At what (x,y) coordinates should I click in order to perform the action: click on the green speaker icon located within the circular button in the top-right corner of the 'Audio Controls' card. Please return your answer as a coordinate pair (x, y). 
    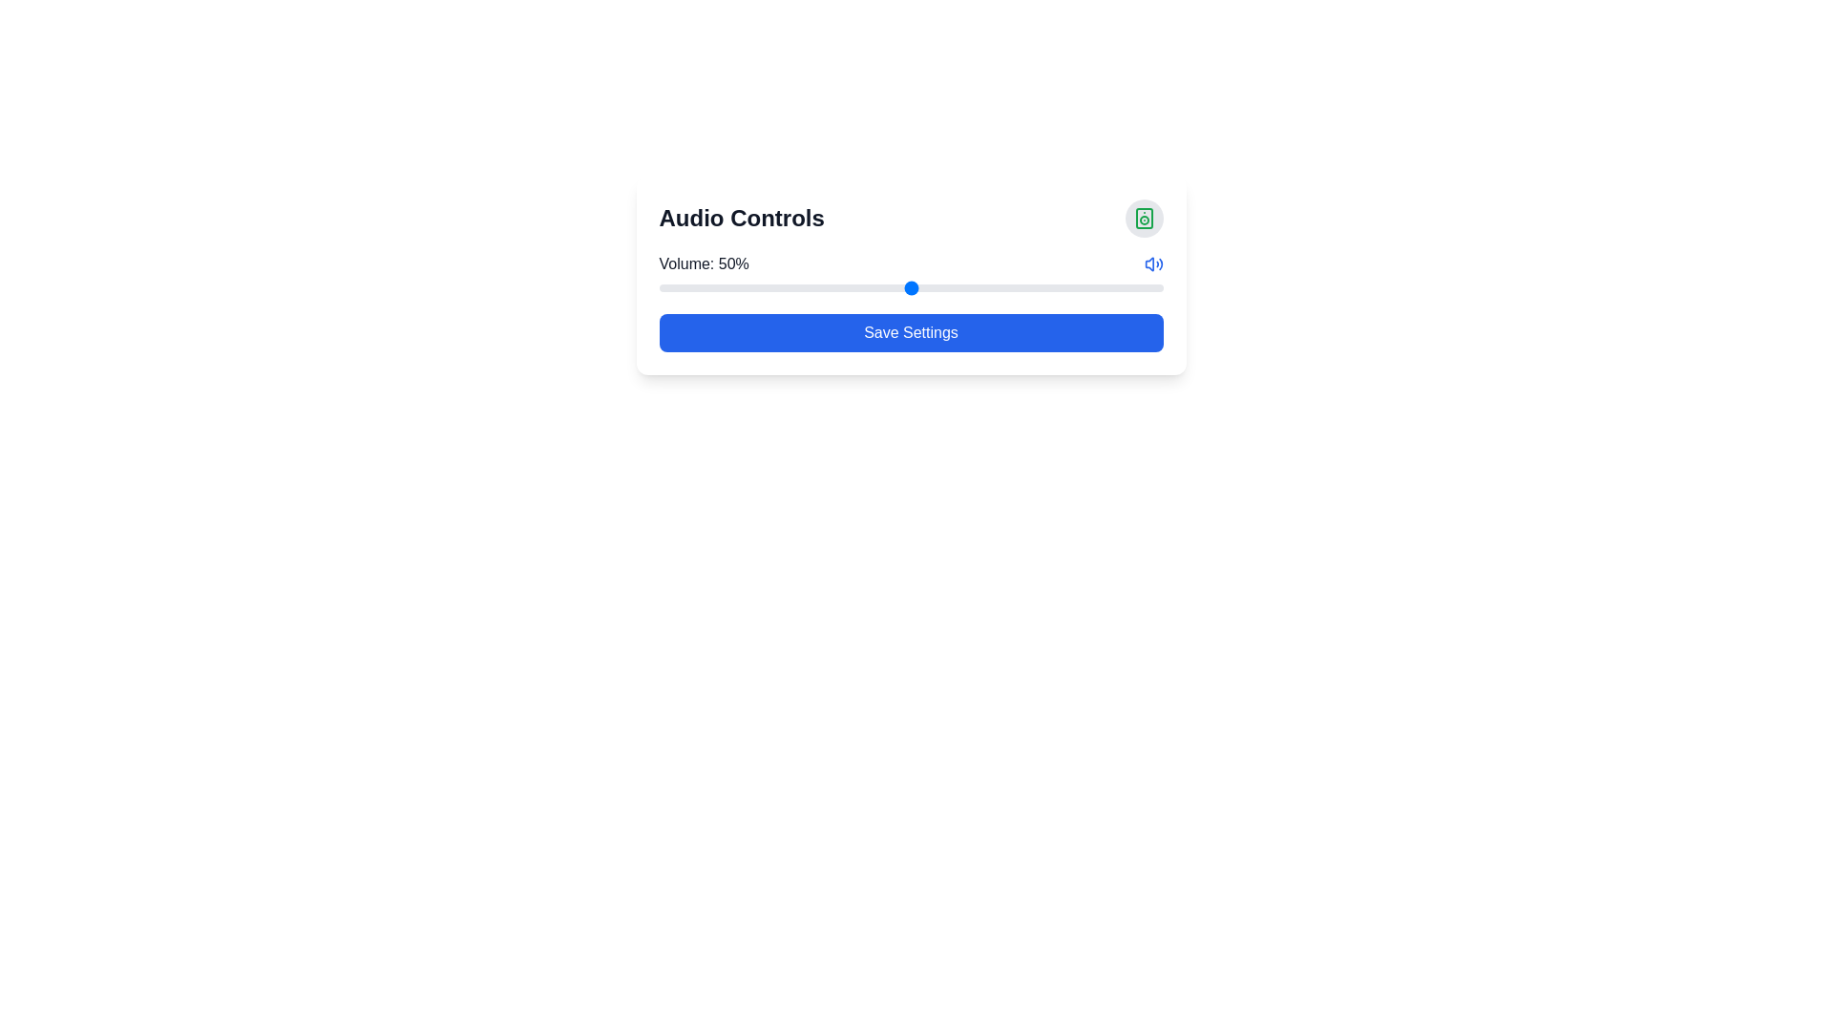
    Looking at the image, I should click on (1144, 217).